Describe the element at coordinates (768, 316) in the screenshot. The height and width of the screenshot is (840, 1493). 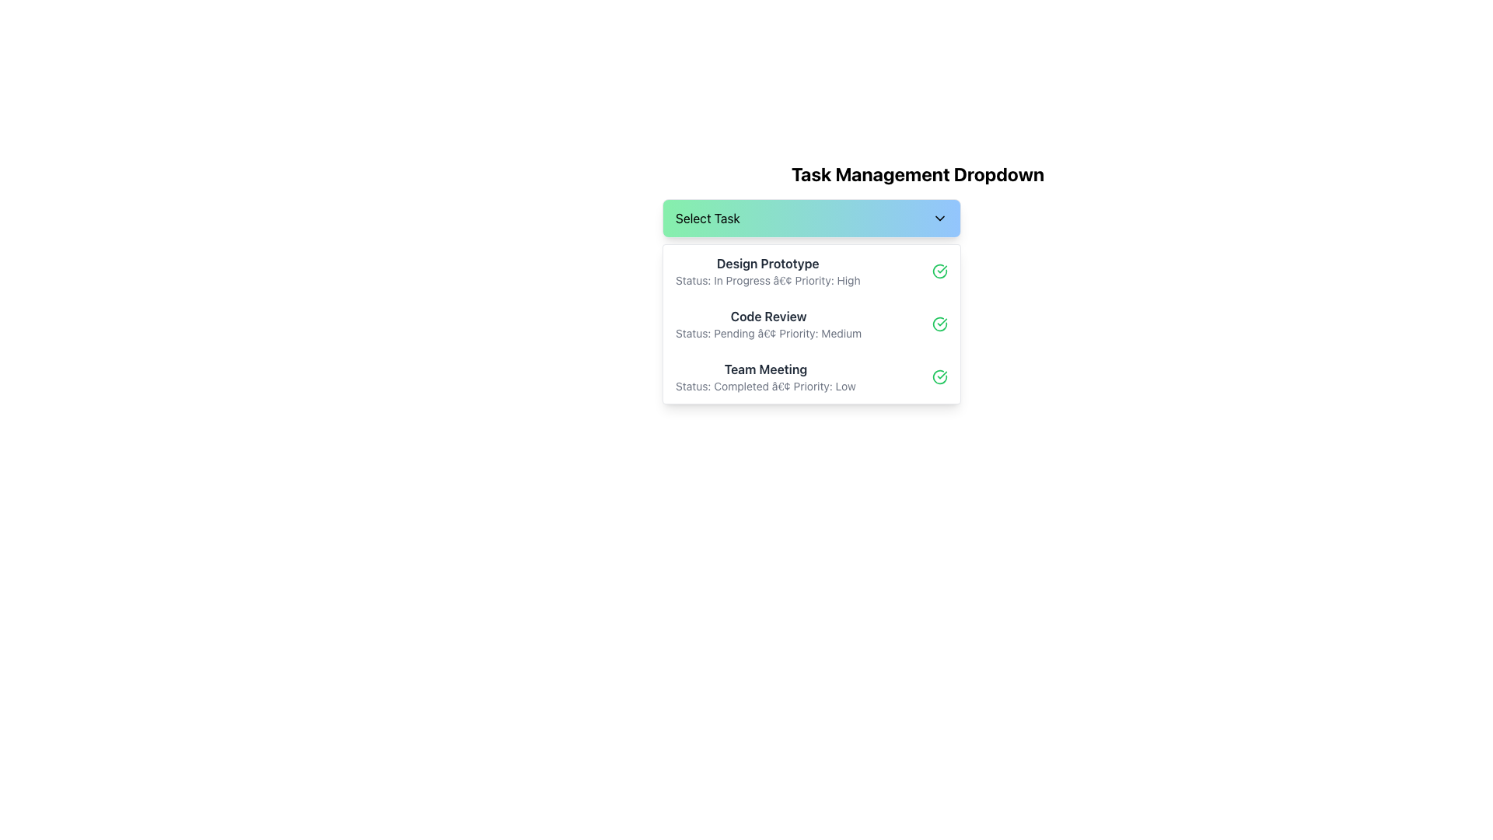
I see `the 'Code Review' task text in the dropdown menu under 'Task Management Dropdown'` at that location.